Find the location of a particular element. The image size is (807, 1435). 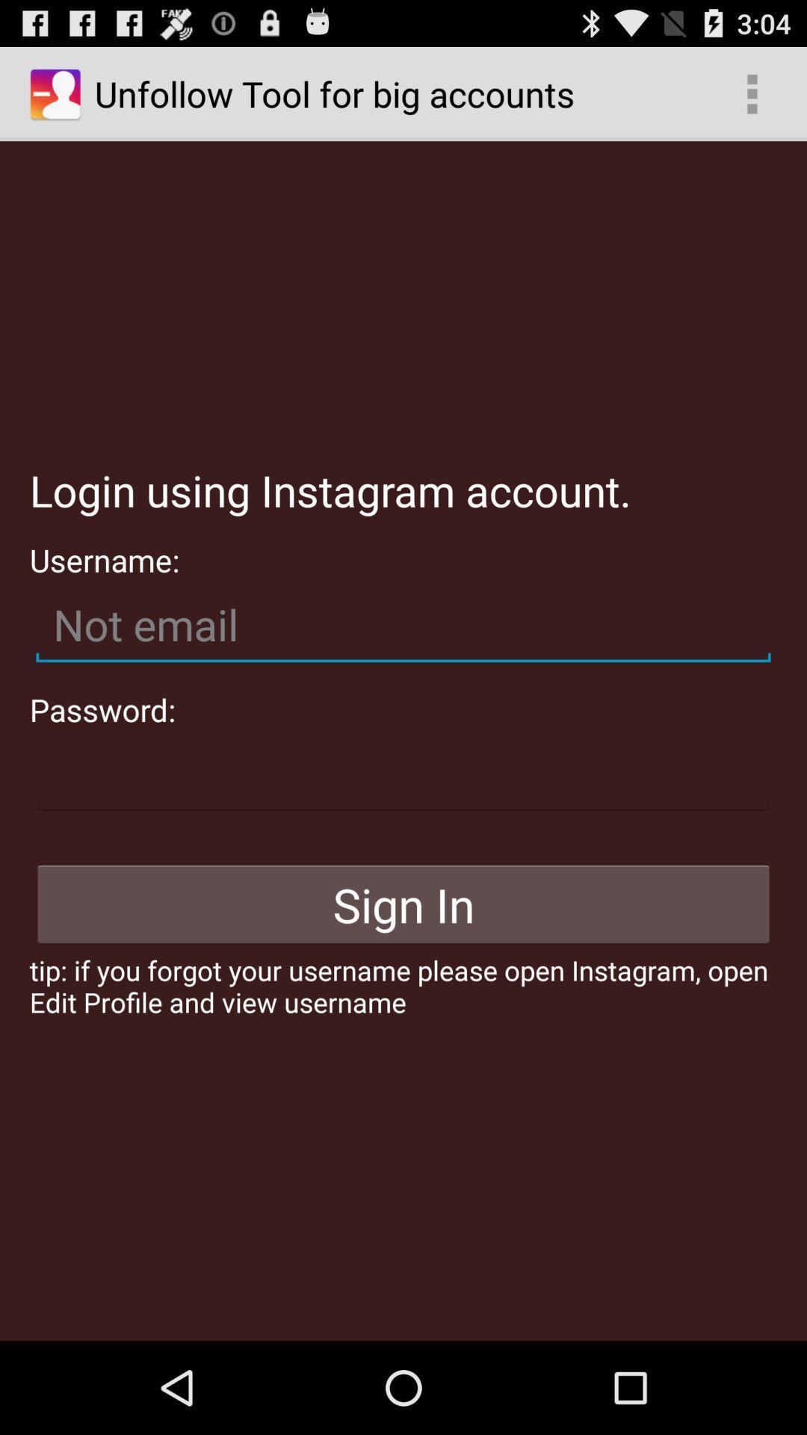

icon next to unfollow tool for item is located at coordinates (752, 93).